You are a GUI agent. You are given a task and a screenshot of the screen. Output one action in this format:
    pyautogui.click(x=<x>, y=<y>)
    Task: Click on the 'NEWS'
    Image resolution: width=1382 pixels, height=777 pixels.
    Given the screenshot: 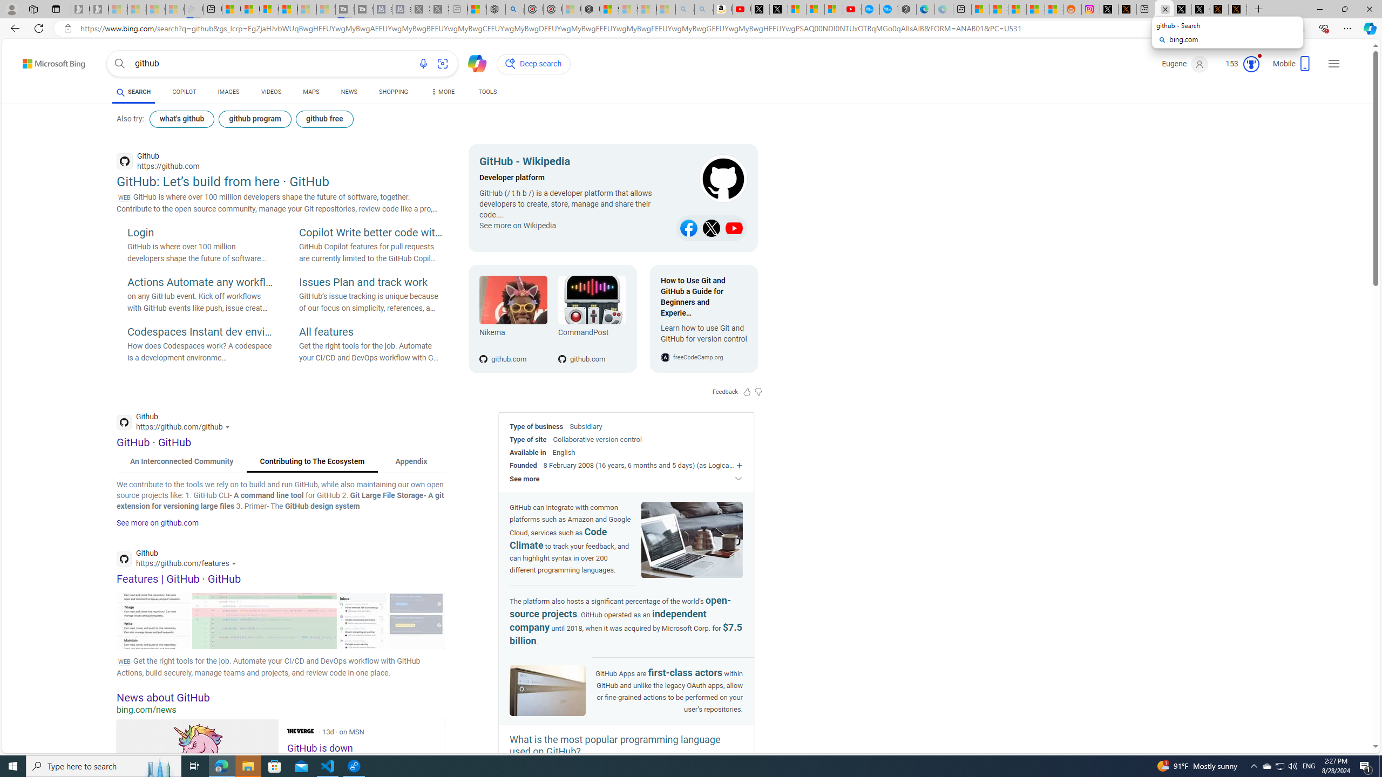 What is the action you would take?
    pyautogui.click(x=348, y=93)
    